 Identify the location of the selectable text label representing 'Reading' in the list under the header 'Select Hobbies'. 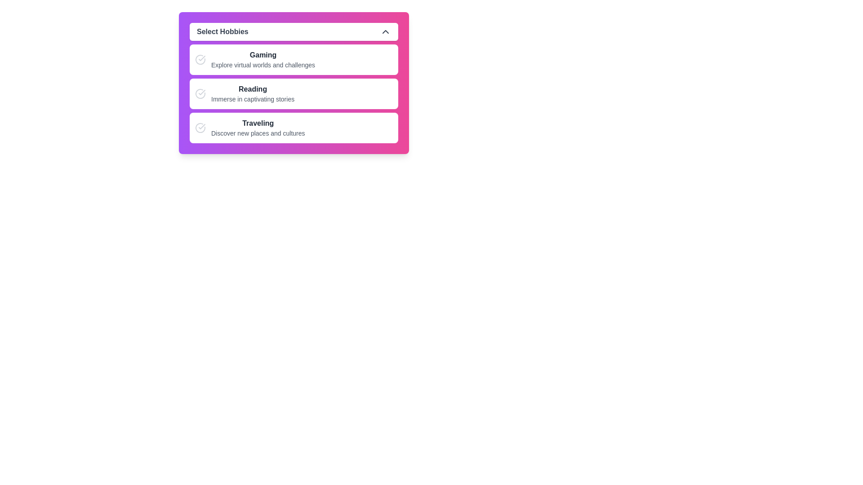
(252, 93).